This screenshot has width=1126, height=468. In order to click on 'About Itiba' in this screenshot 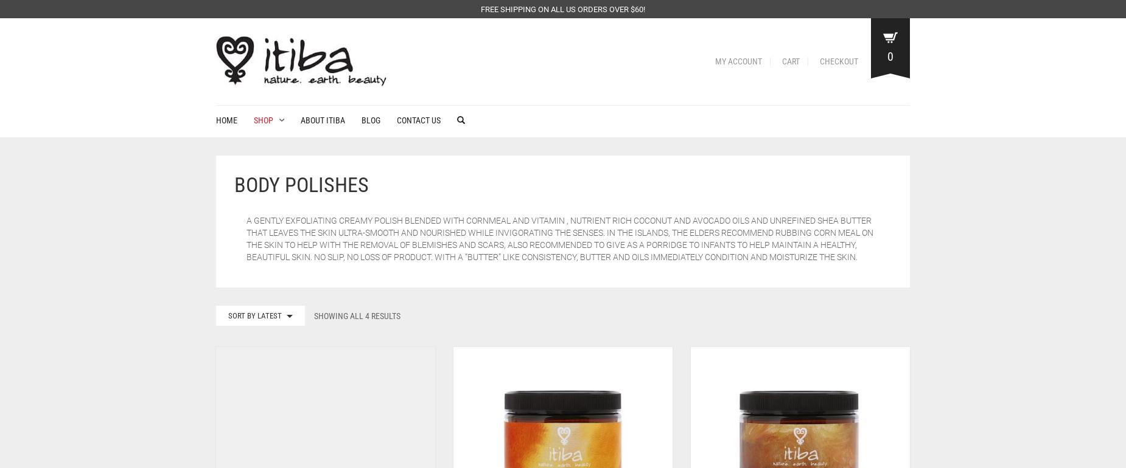, I will do `click(323, 119)`.